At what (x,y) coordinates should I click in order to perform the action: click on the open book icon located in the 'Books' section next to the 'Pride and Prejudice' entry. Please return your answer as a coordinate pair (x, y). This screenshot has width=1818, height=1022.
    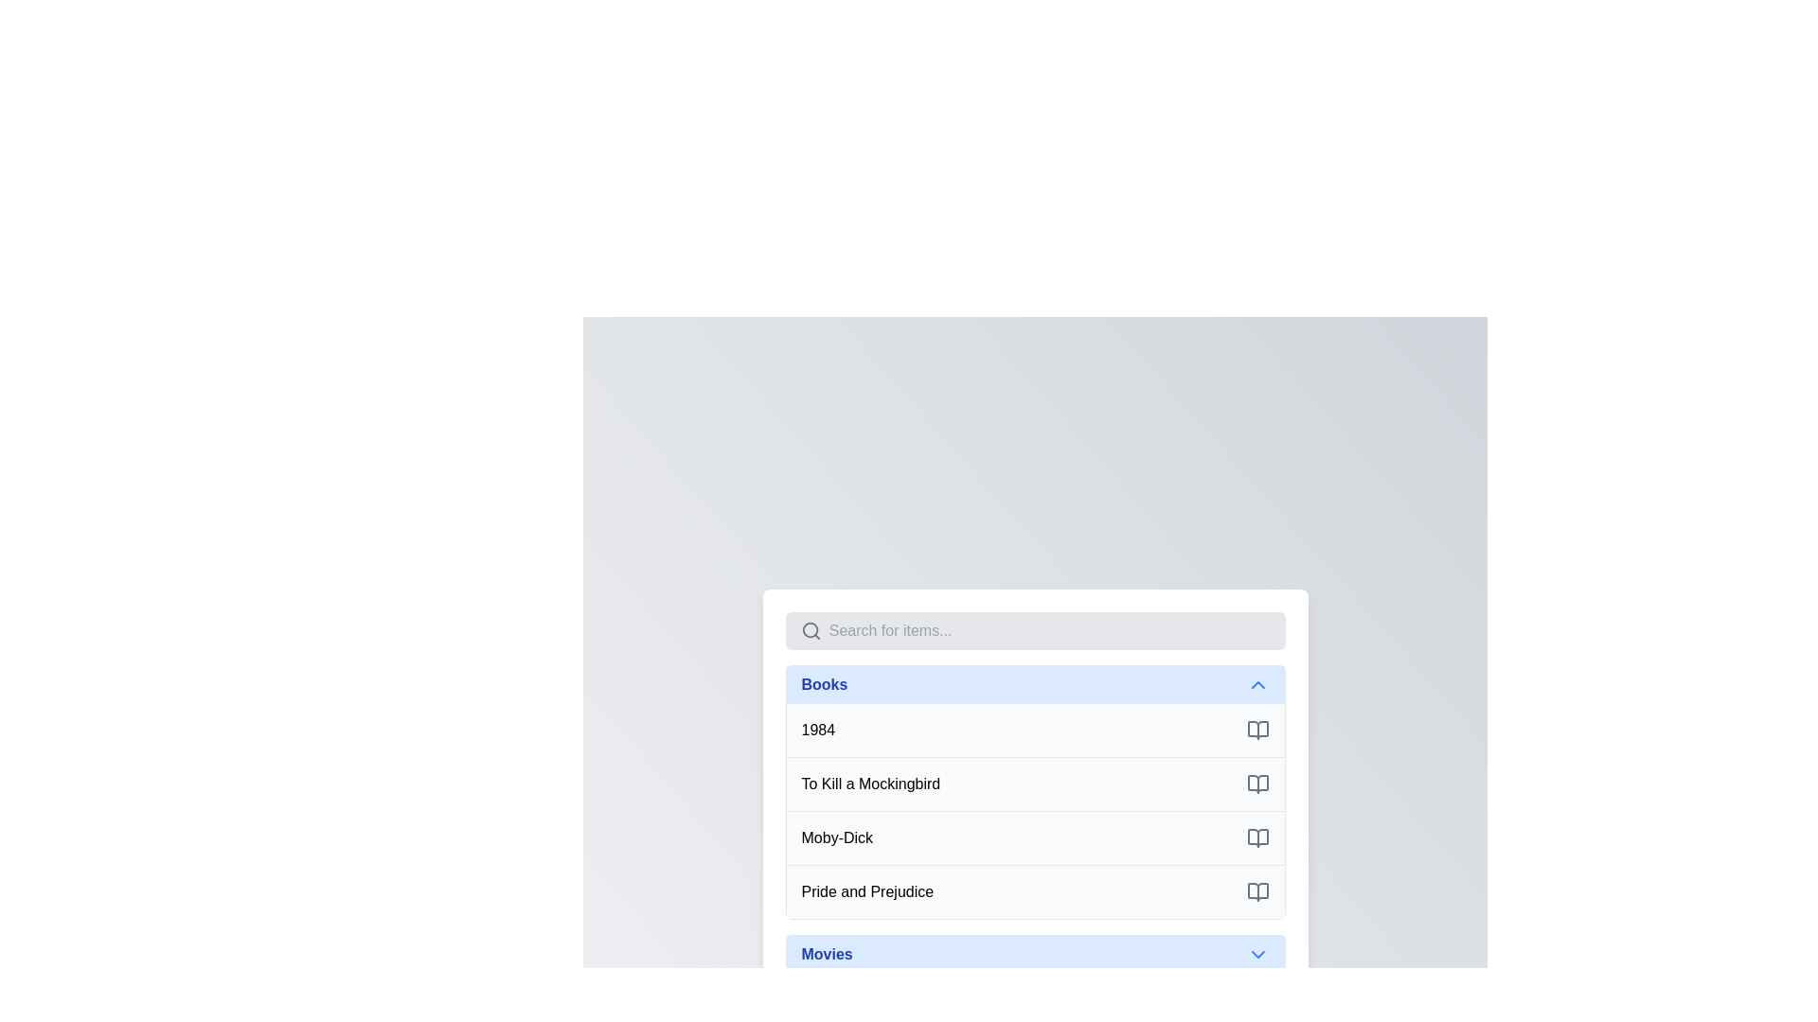
    Looking at the image, I should click on (1257, 891).